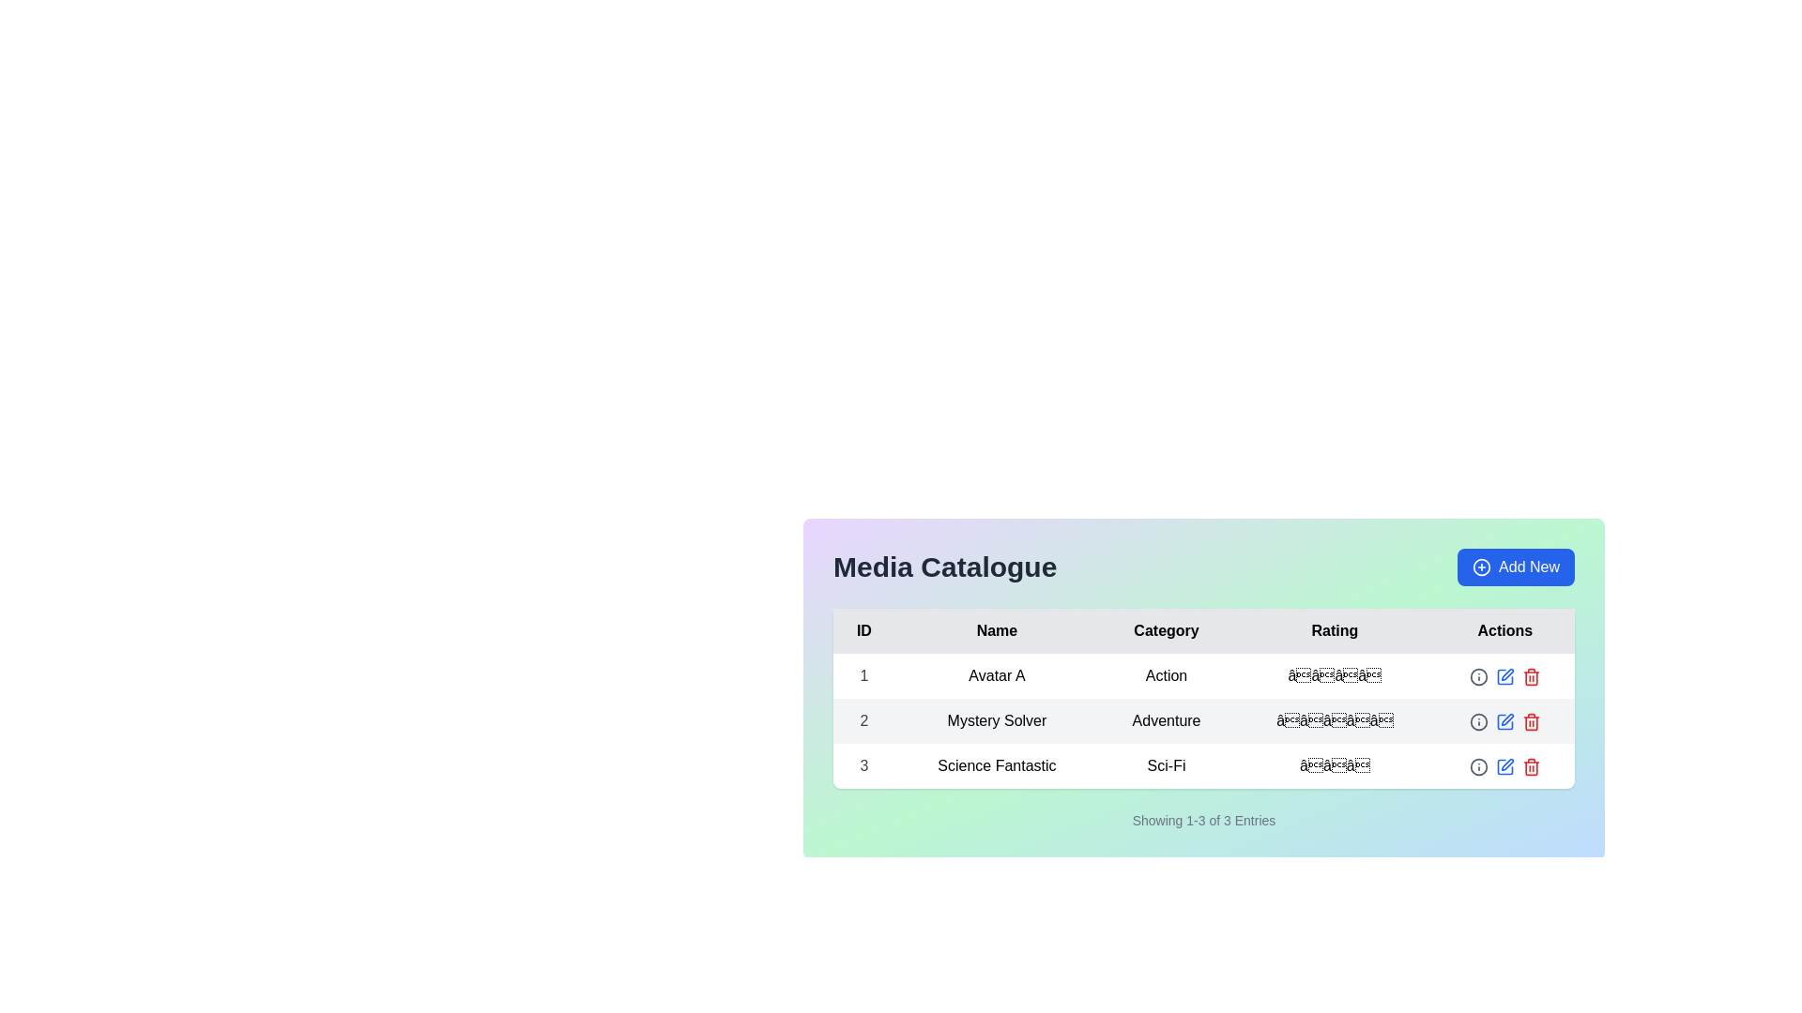 Image resolution: width=1802 pixels, height=1013 pixels. Describe the element at coordinates (1507, 673) in the screenshot. I see `the SVG icon button in the 'Actions' column of the table` at that location.